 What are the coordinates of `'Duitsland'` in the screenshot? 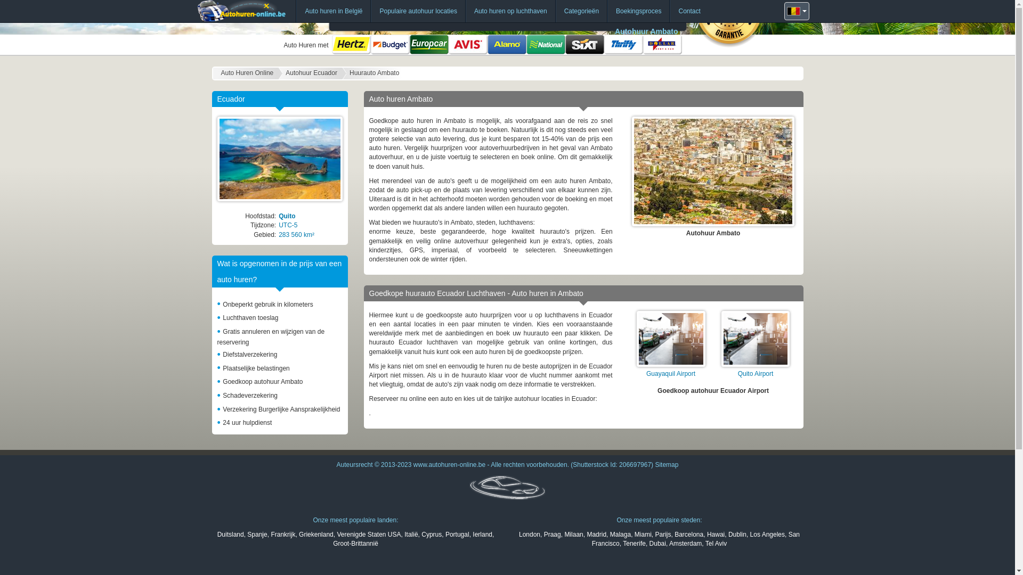 It's located at (217, 534).